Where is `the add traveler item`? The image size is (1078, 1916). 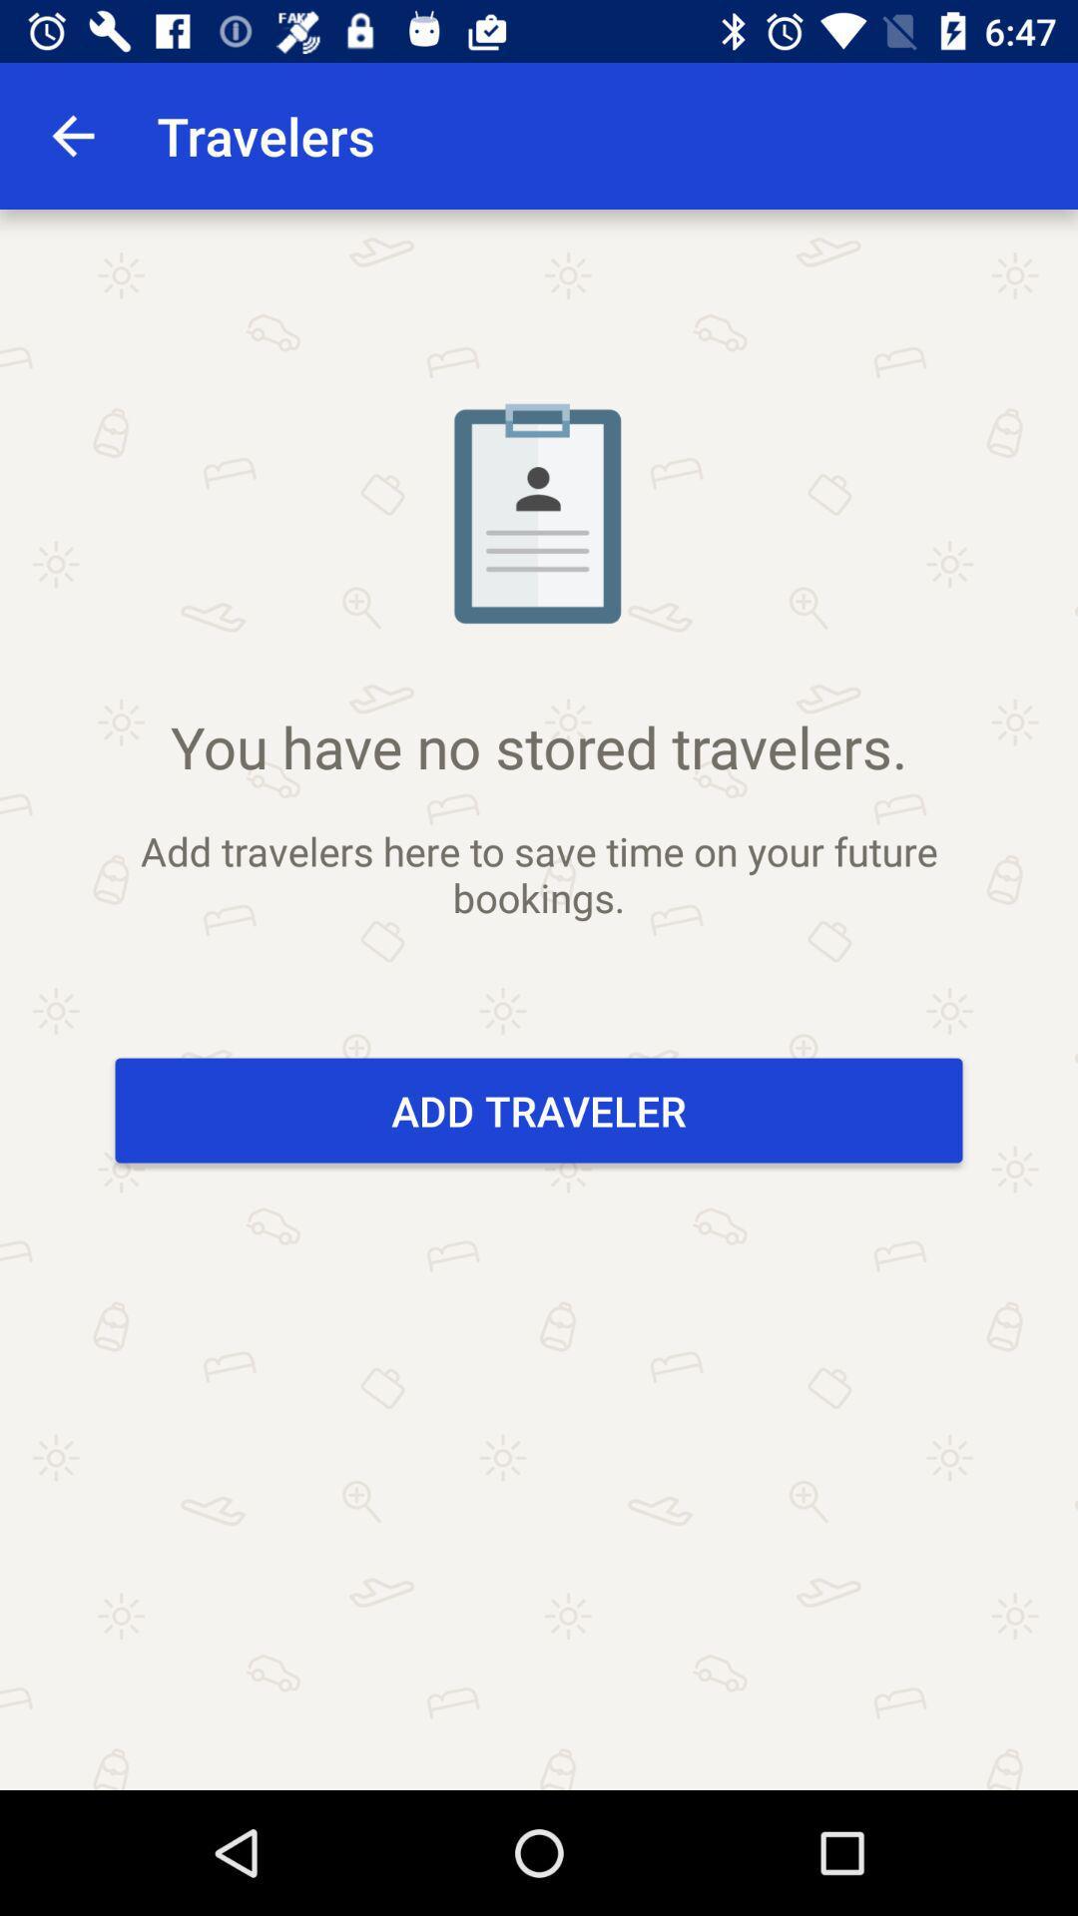
the add traveler item is located at coordinates (539, 1110).